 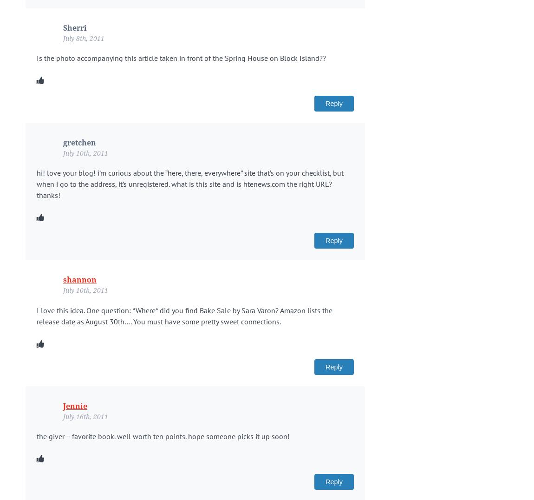 I want to click on 'the giver = favorite book. well worth ten points.  hope someone picks it up soon!', so click(x=163, y=435).